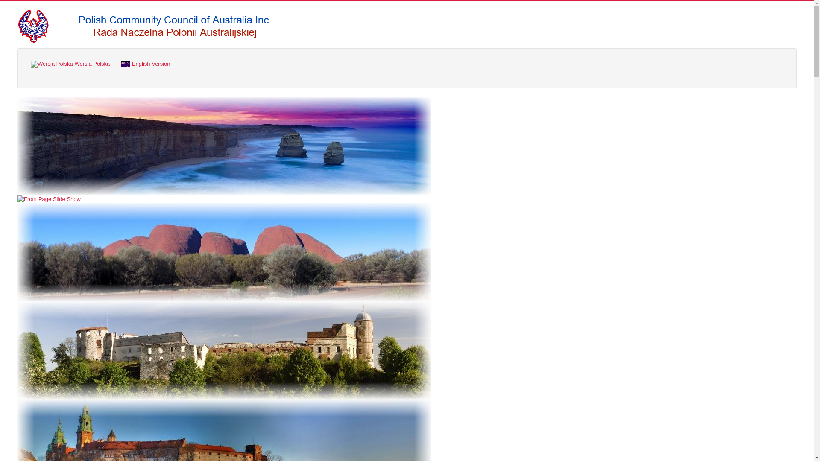 The image size is (820, 461). I want to click on 'English Version', so click(145, 64).